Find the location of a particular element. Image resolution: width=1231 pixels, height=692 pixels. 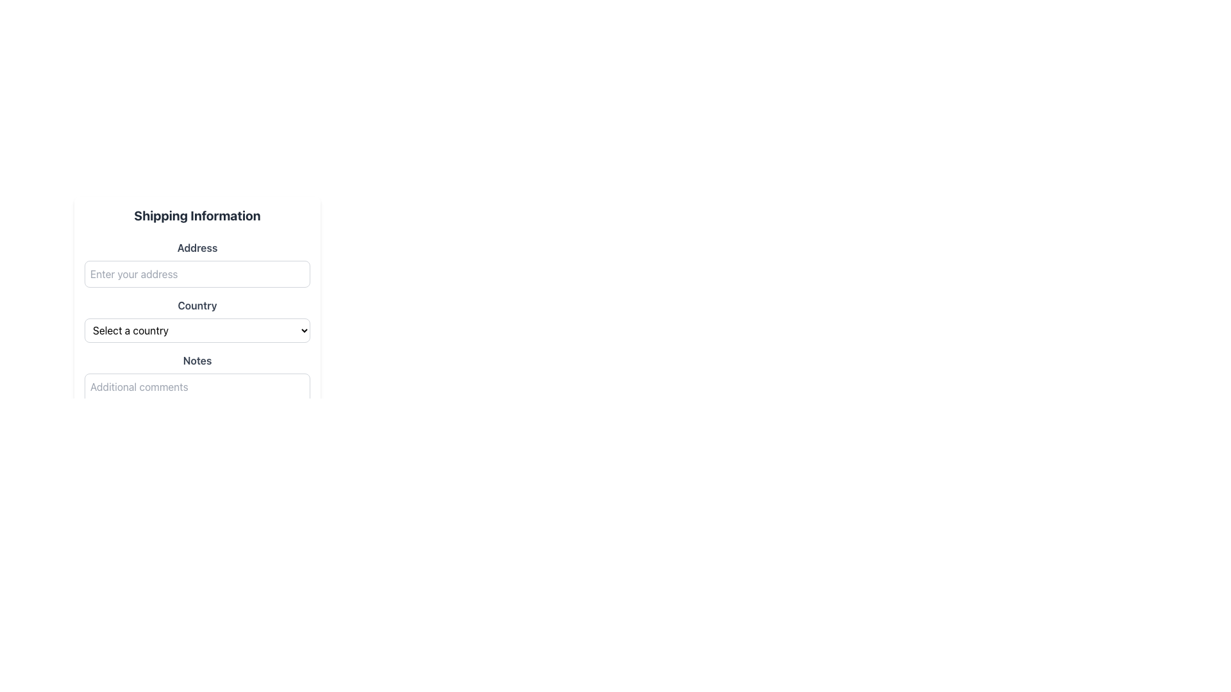

the 'Address' label displayed in bold, dark gray font, which is positioned above the text input field in the Shipping Information form section is located at coordinates (196, 247).